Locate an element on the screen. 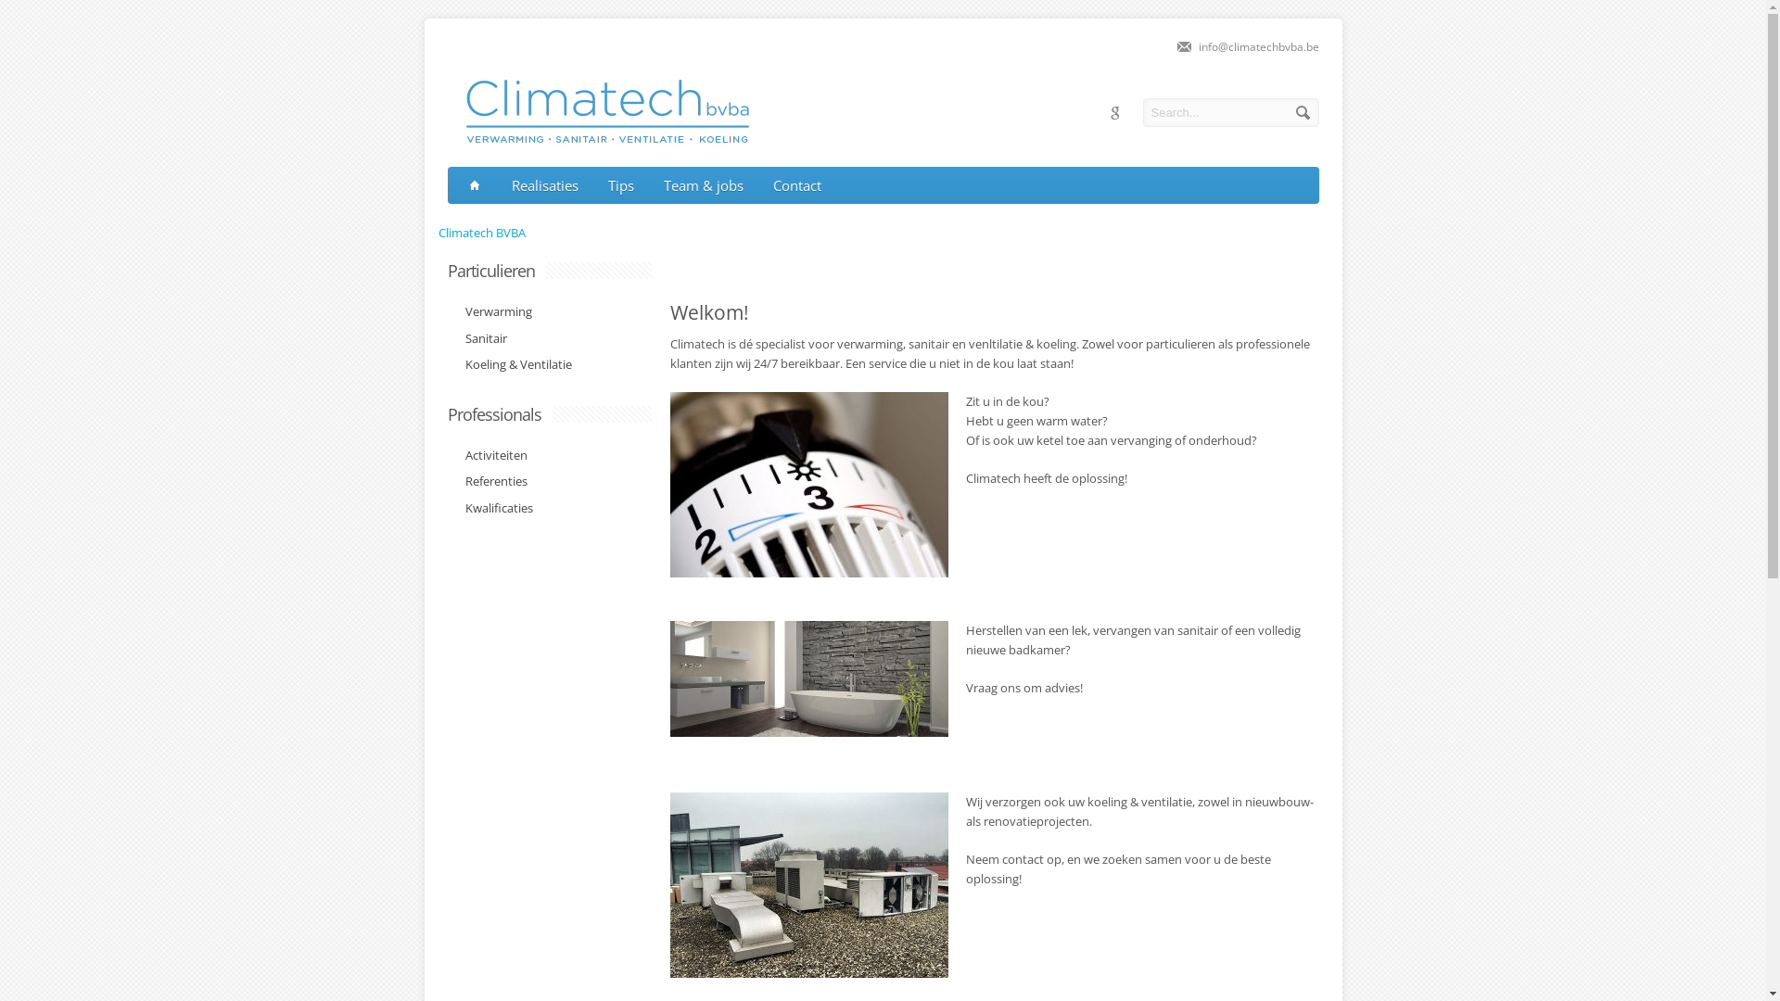 This screenshot has height=1001, width=1780. 'Tips' is located at coordinates (621, 185).